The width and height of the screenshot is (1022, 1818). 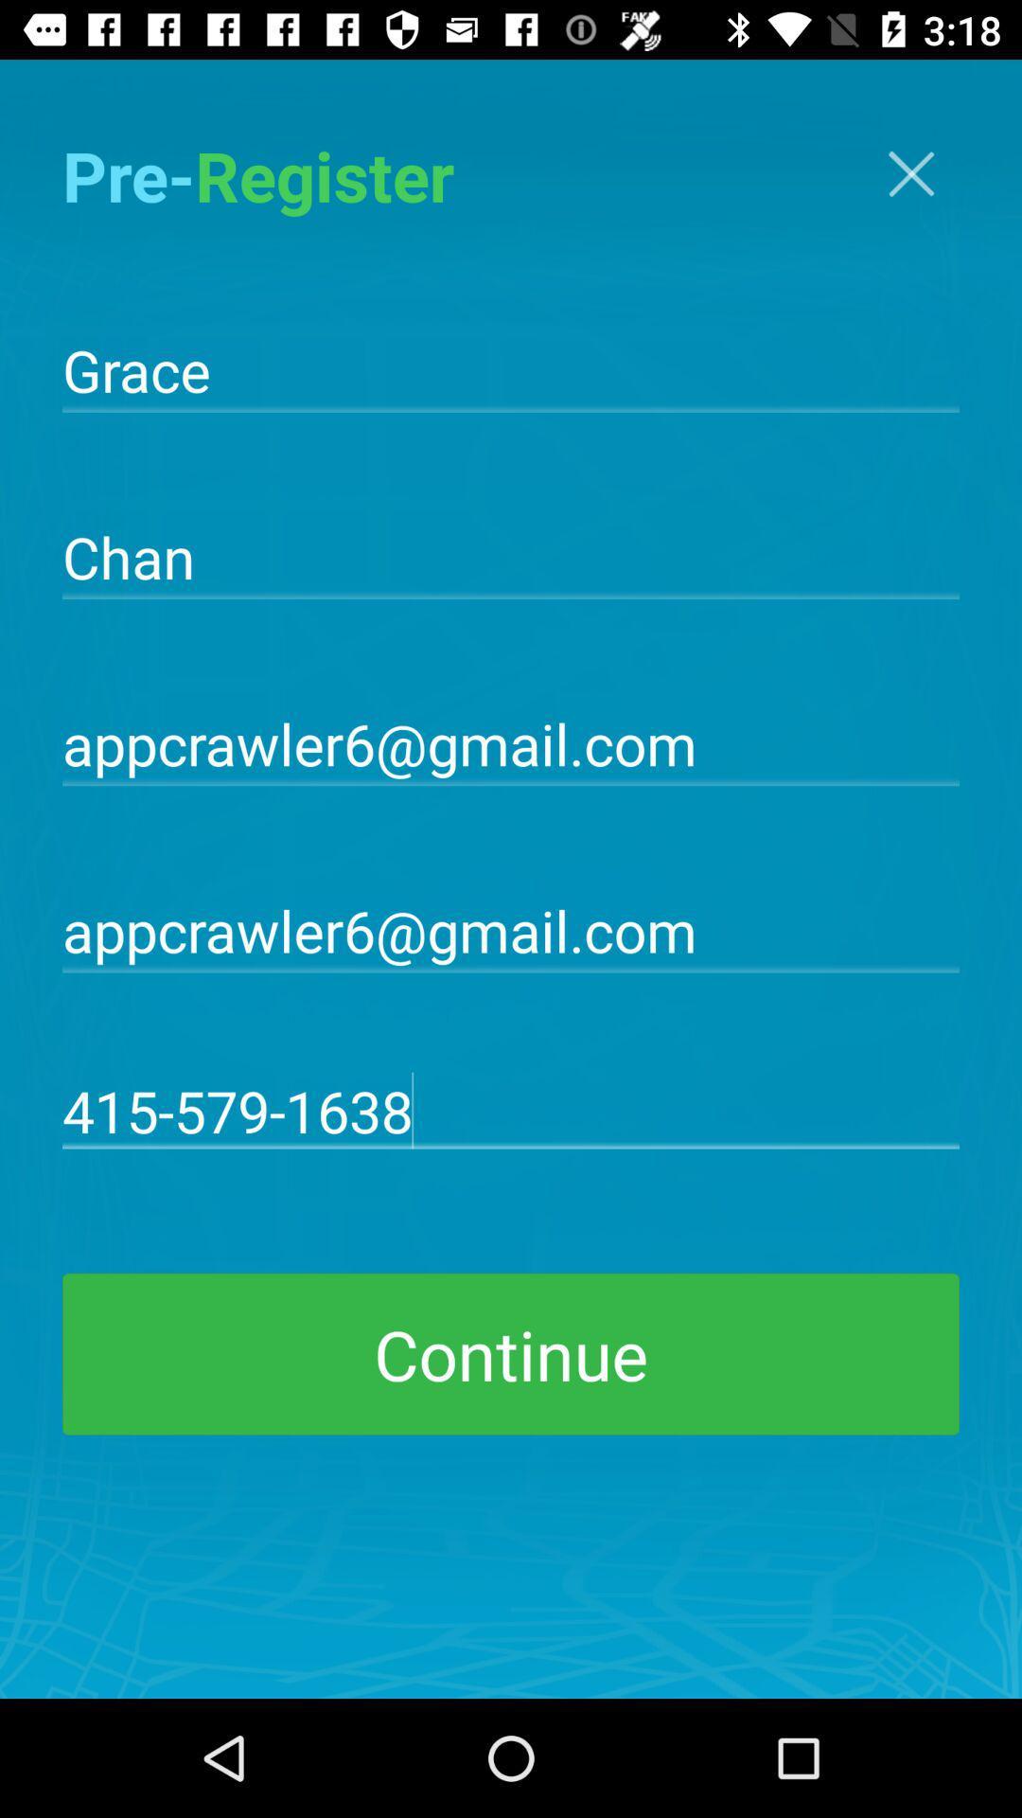 What do you see at coordinates (511, 368) in the screenshot?
I see `the grace` at bounding box center [511, 368].